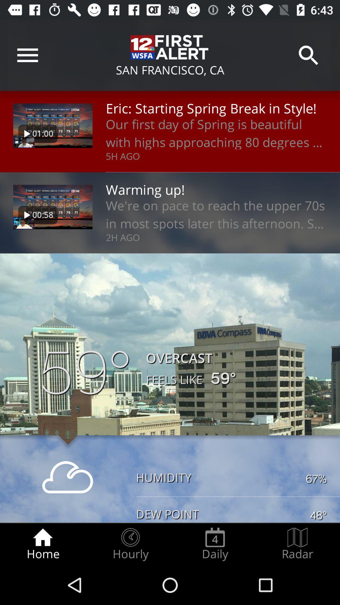 The width and height of the screenshot is (340, 605). Describe the element at coordinates (215, 544) in the screenshot. I see `the icon next to radar` at that location.